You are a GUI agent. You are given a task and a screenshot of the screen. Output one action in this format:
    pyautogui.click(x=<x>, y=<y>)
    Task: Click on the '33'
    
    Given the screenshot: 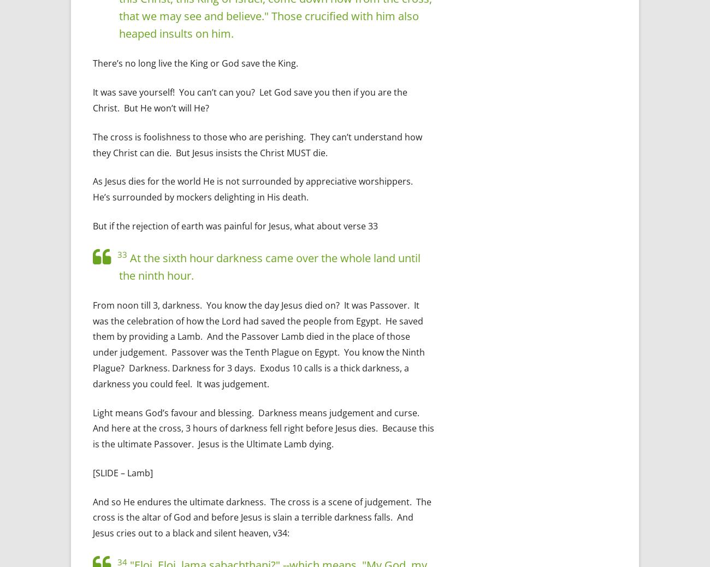 What is the action you would take?
    pyautogui.click(x=121, y=254)
    